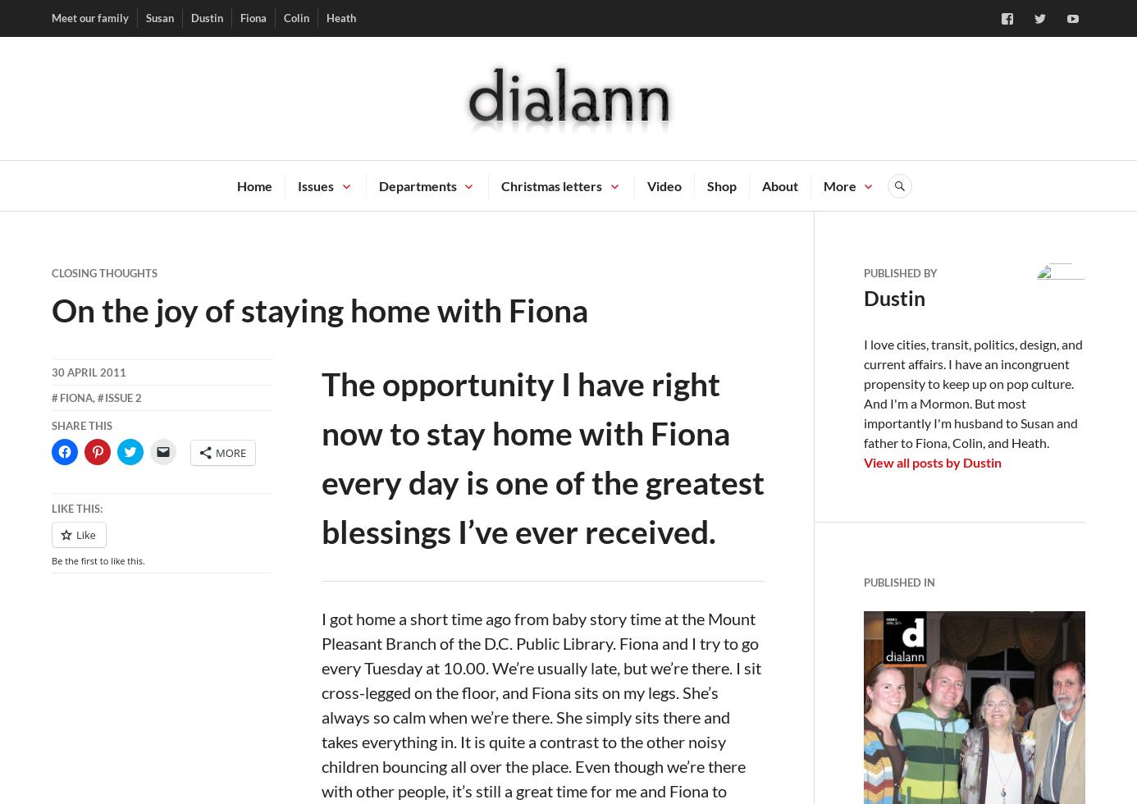 The image size is (1137, 804). What do you see at coordinates (417, 185) in the screenshot?
I see `'Departments'` at bounding box center [417, 185].